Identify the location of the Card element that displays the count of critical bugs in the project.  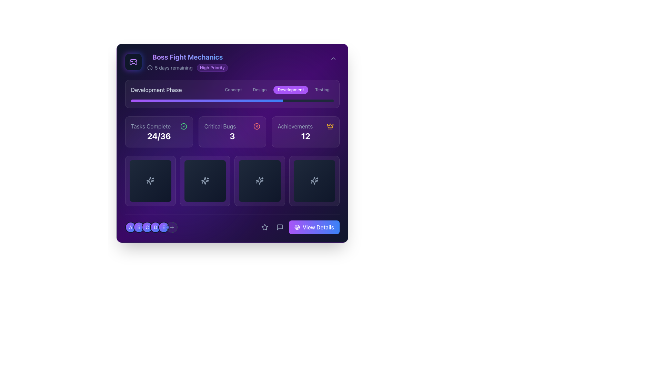
(232, 132).